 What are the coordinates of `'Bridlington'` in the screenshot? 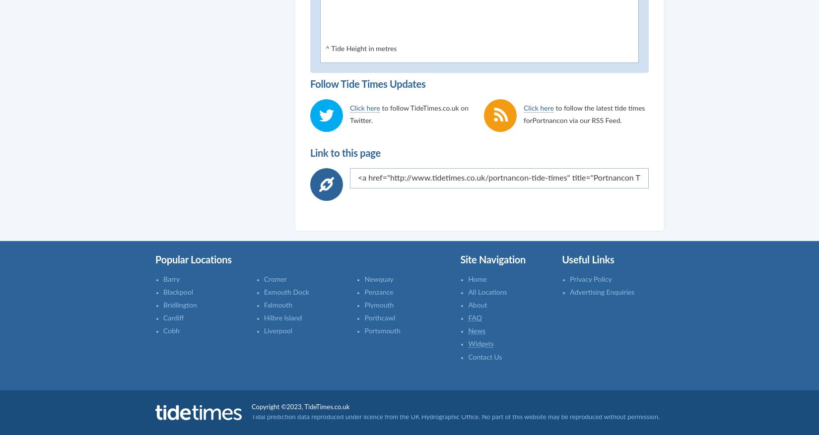 It's located at (180, 305).